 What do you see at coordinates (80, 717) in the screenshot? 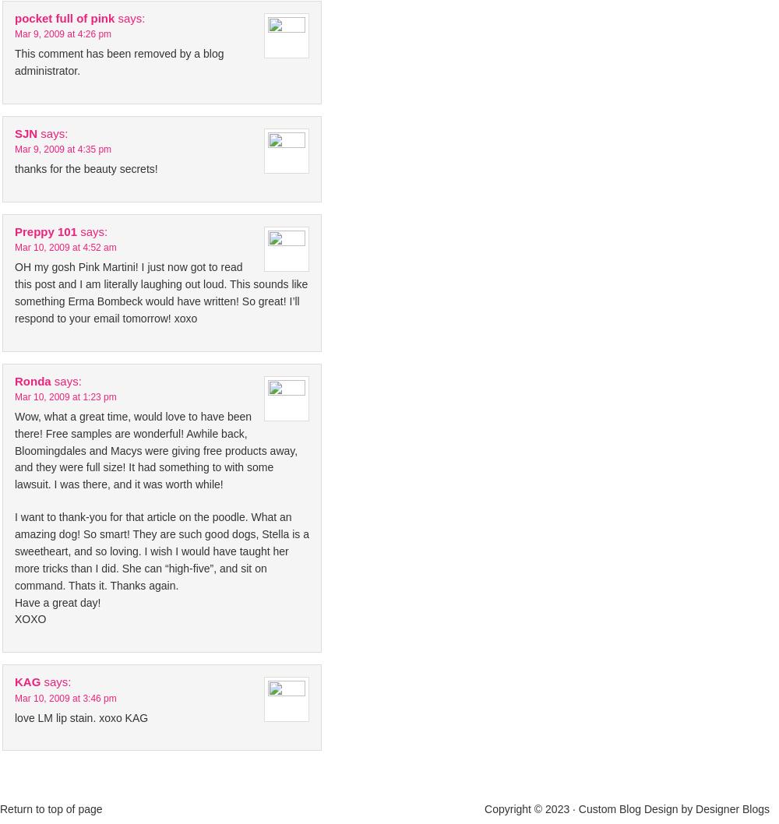
I see `'love LM lip stain. xoxo KAG'` at bounding box center [80, 717].